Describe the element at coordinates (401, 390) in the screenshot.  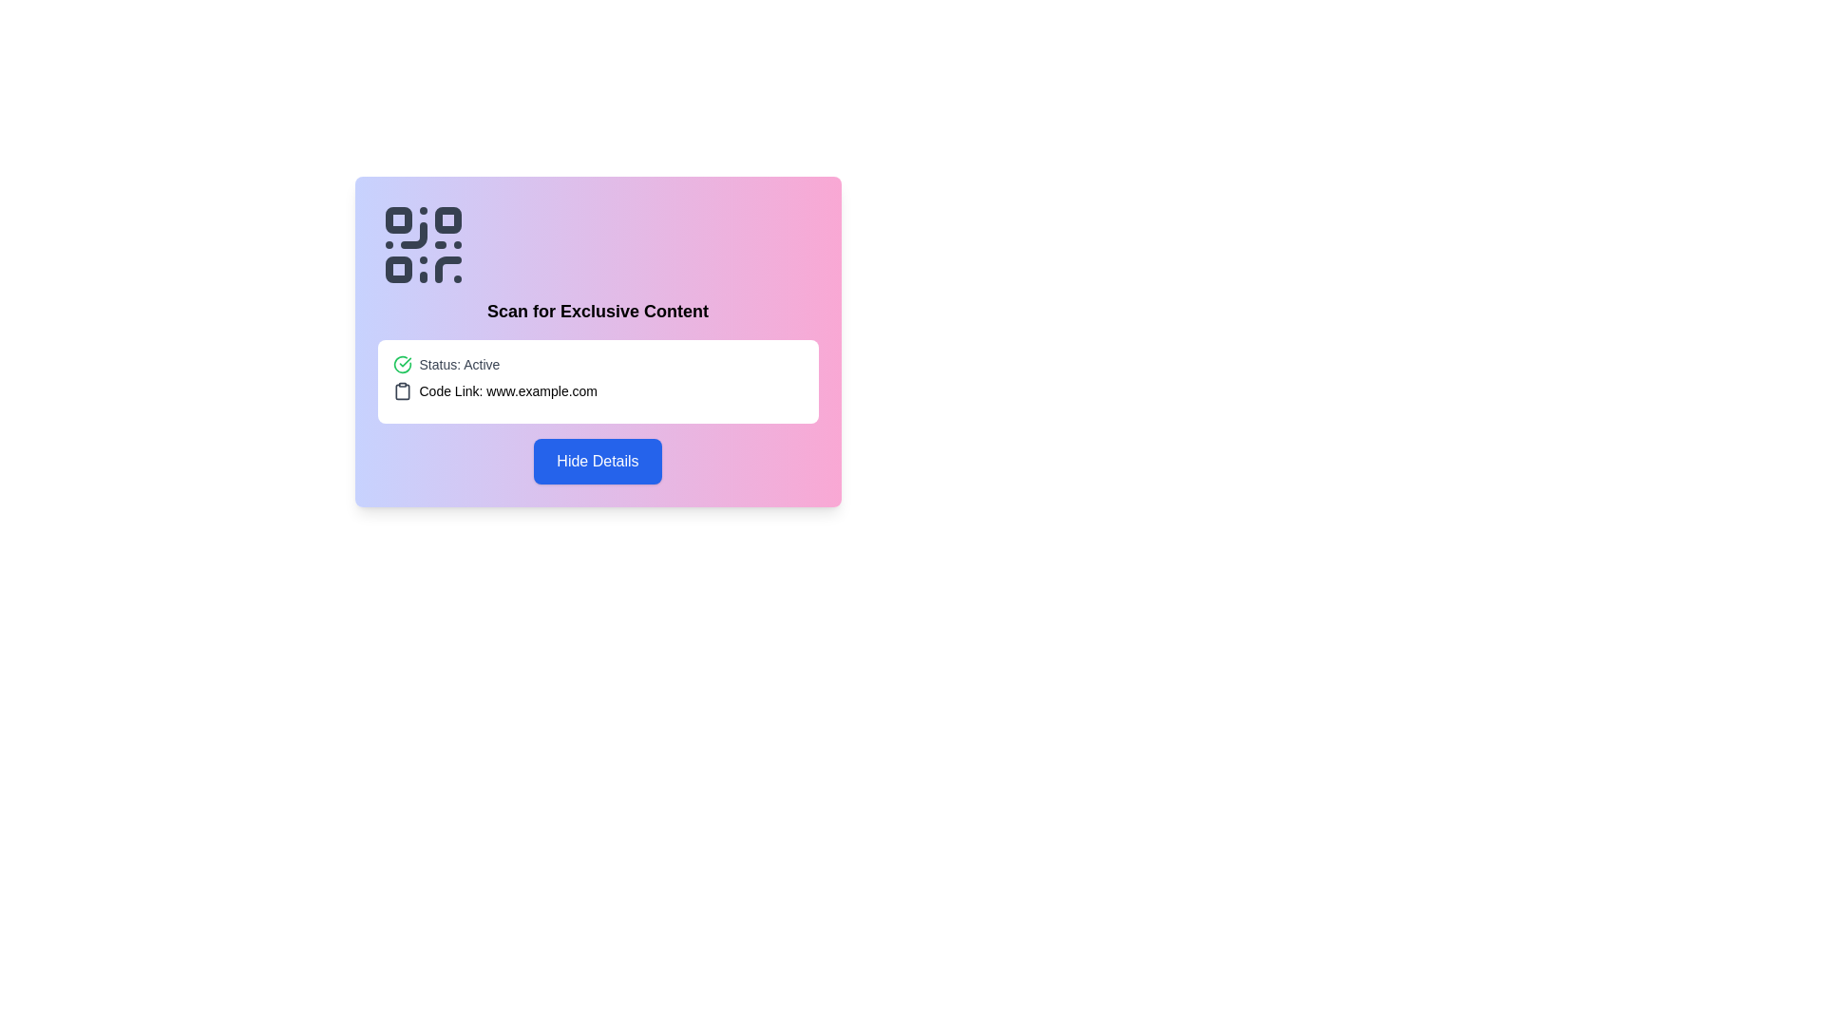
I see `the small gray clipboard icon located to the immediate left of the text 'Code Link: www.example.com'` at that location.